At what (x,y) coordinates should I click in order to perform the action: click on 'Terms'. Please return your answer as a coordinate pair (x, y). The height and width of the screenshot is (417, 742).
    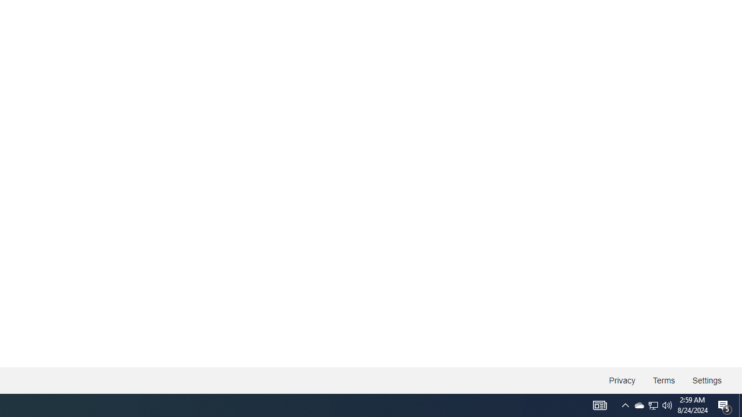
    Looking at the image, I should click on (664, 381).